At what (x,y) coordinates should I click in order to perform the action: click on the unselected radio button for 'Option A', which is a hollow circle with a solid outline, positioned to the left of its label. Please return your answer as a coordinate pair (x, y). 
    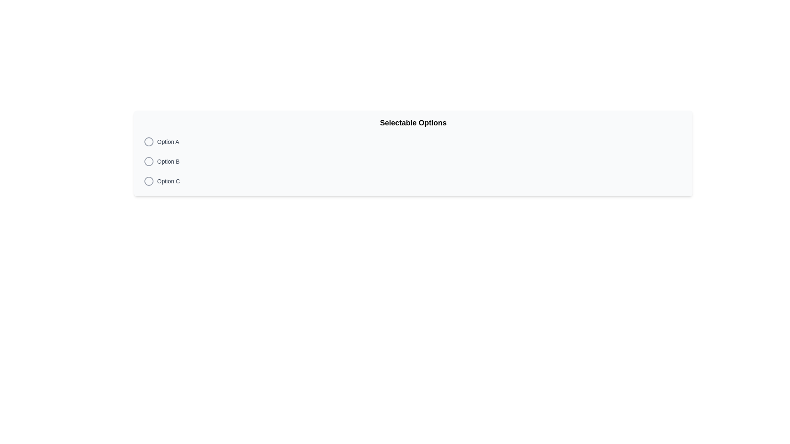
    Looking at the image, I should click on (149, 141).